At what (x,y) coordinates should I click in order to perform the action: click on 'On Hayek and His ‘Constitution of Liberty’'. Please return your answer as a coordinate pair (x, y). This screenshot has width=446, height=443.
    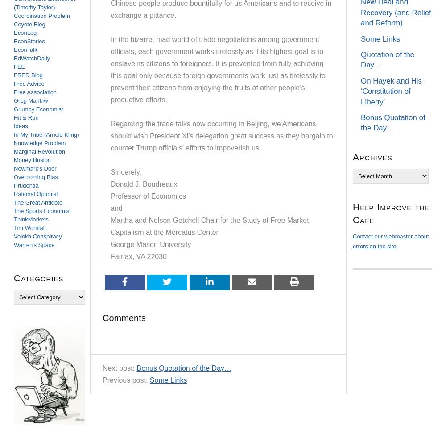
    Looking at the image, I should click on (391, 90).